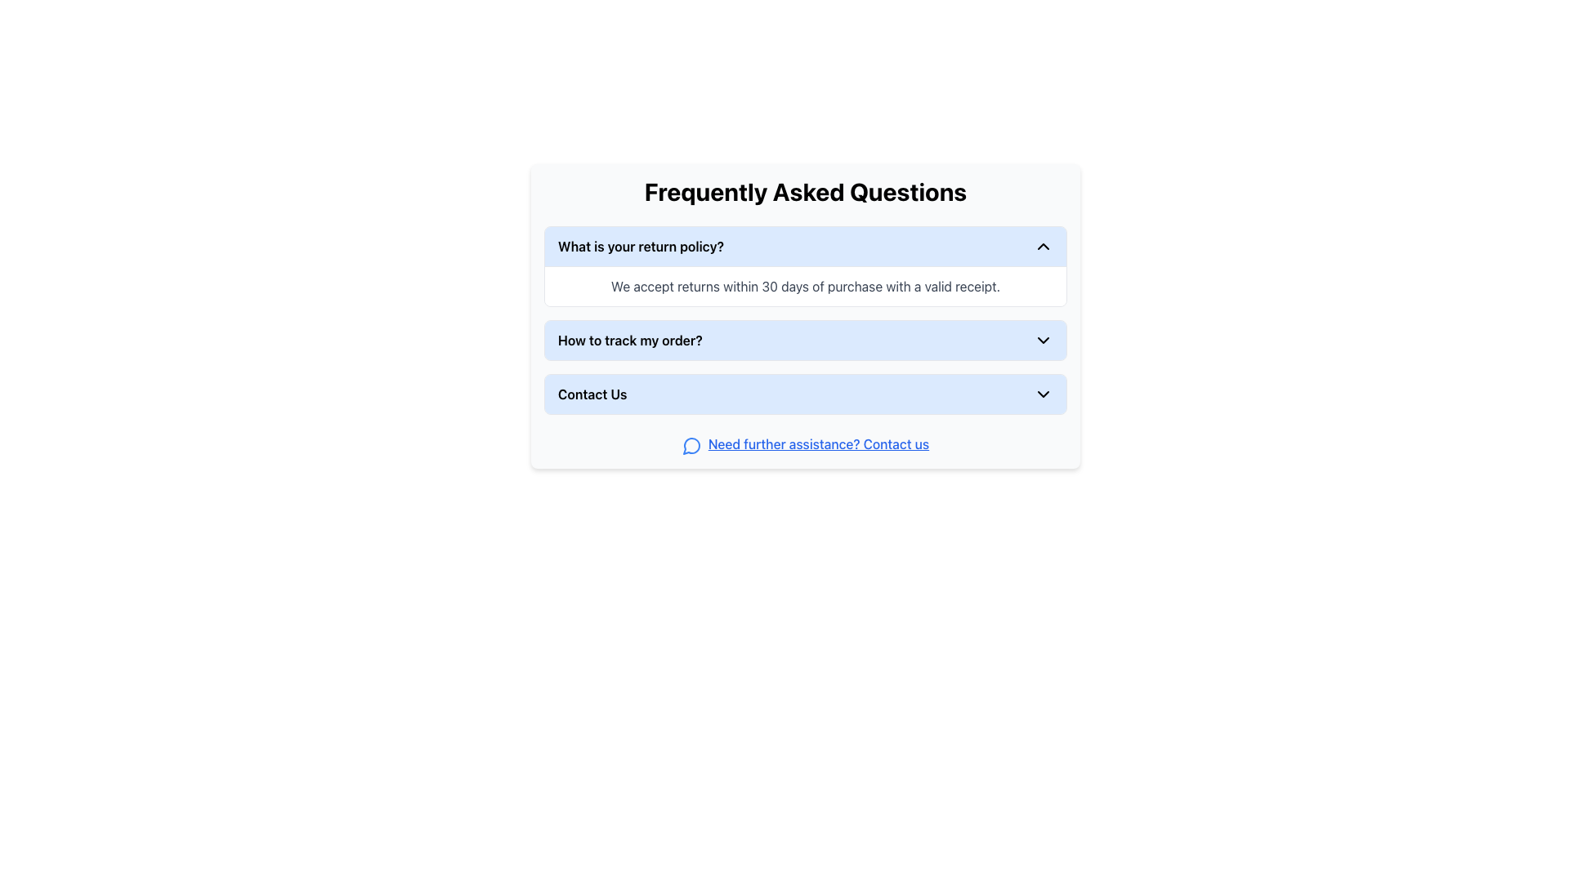 This screenshot has width=1569, height=882. I want to click on the informational Text Display regarding the store's return policy located in the second row of the collapsible Q&A card titled 'What is your return policy.', so click(805, 285).